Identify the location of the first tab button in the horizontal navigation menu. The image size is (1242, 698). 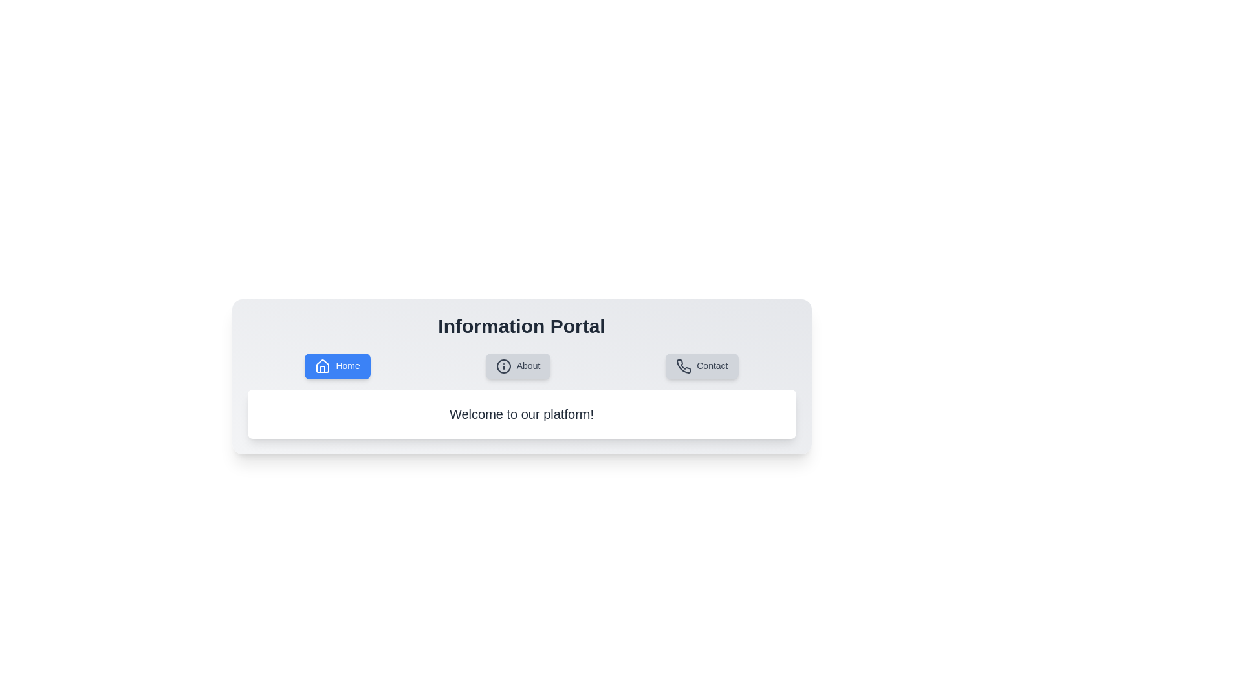
(338, 366).